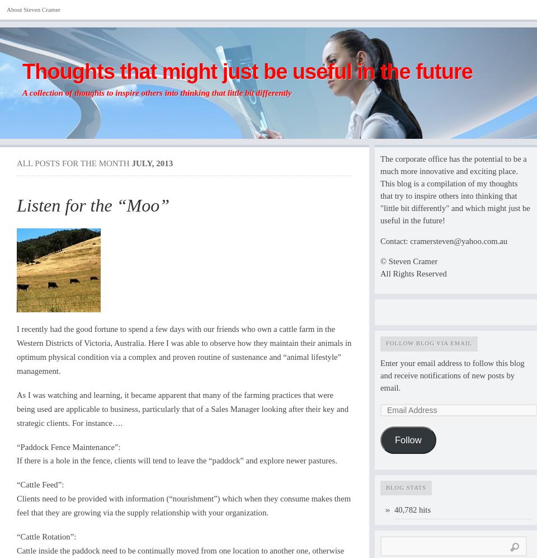 The width and height of the screenshot is (537, 558). Describe the element at coordinates (182, 409) in the screenshot. I see `'As I was watching and learning, it became apparent that many of the farming practices that were being used are applicable to business, particularly that of a Sales Manager looking after their key and strategic clients. For instance….'` at that location.